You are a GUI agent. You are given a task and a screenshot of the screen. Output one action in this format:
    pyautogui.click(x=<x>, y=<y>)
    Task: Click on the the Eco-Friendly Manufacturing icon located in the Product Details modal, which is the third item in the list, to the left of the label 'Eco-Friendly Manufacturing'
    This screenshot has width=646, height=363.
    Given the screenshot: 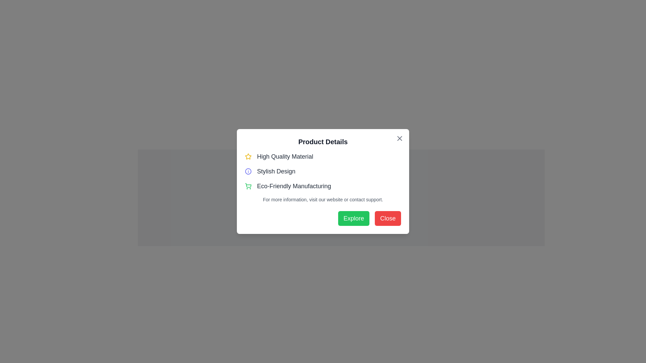 What is the action you would take?
    pyautogui.click(x=248, y=186)
    